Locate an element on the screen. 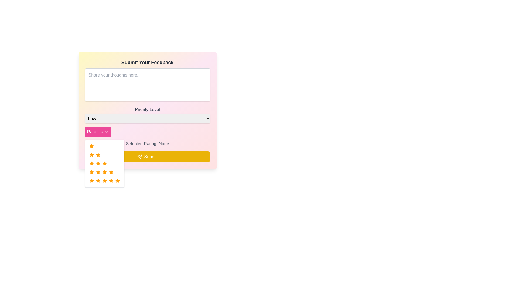  the orange five-pointed star icon located in the fourth column of the third row under the 'Rate Us' dropdown is located at coordinates (104, 172).